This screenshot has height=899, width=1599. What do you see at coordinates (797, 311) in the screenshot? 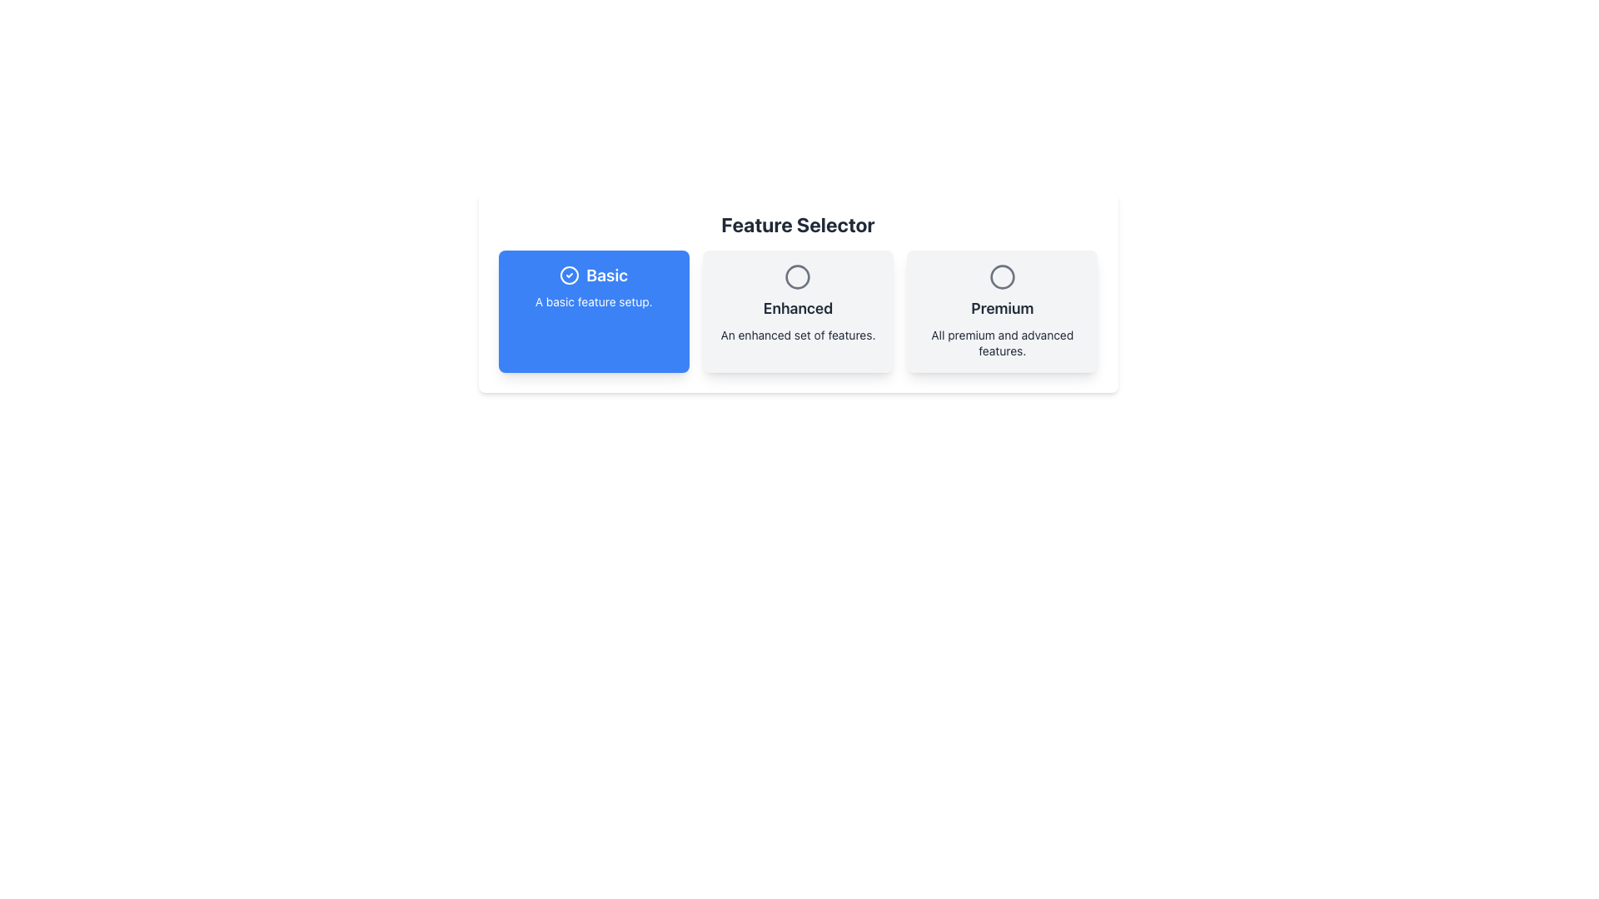
I see `the 'Enhanced' card which is the second card in a row of three, featuring a light gray background, a circle icon, bold title 'Enhanced', and description 'An enhanced set of features'` at bounding box center [797, 311].